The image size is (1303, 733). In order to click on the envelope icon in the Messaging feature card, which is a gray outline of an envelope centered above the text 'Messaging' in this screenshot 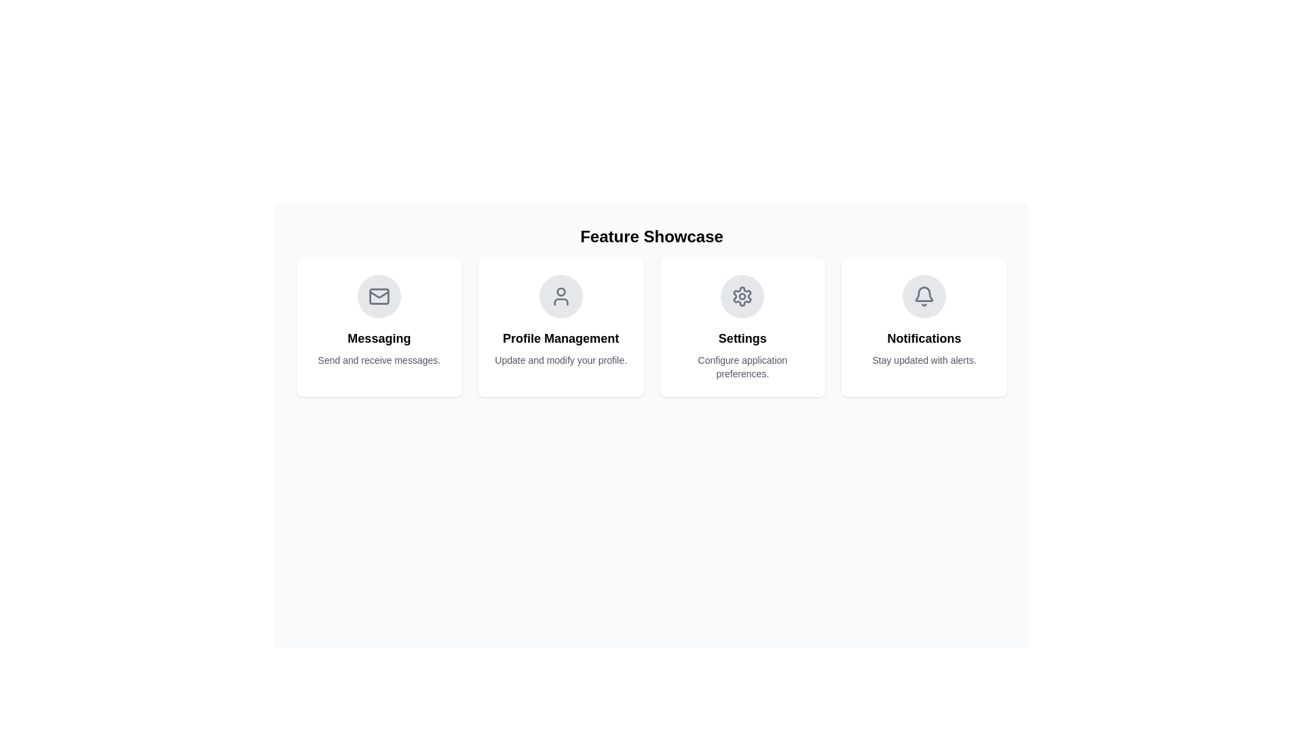, I will do `click(379, 295)`.